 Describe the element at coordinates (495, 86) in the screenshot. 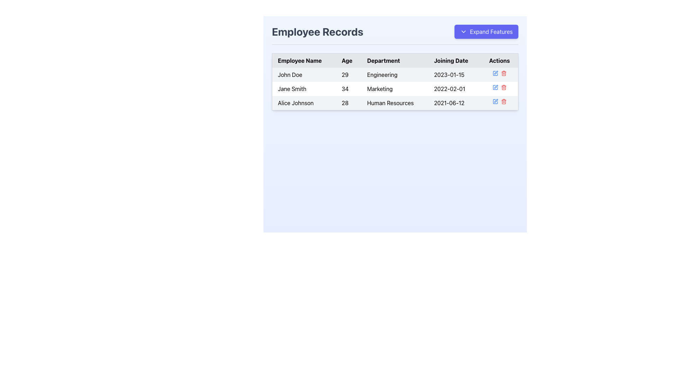

I see `the edit icon located in the Actions column of the second row of the table` at that location.